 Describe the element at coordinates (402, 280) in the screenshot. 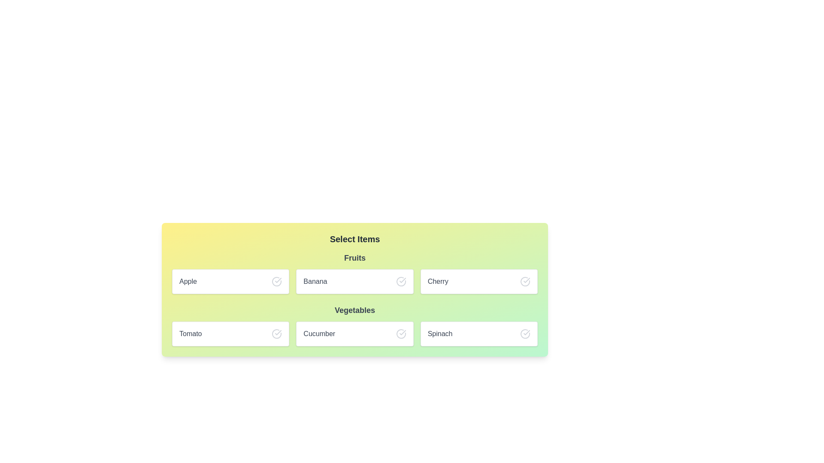

I see `confirmation vector icon for the 'Banana' item in the Fruits section using developer tools` at that location.